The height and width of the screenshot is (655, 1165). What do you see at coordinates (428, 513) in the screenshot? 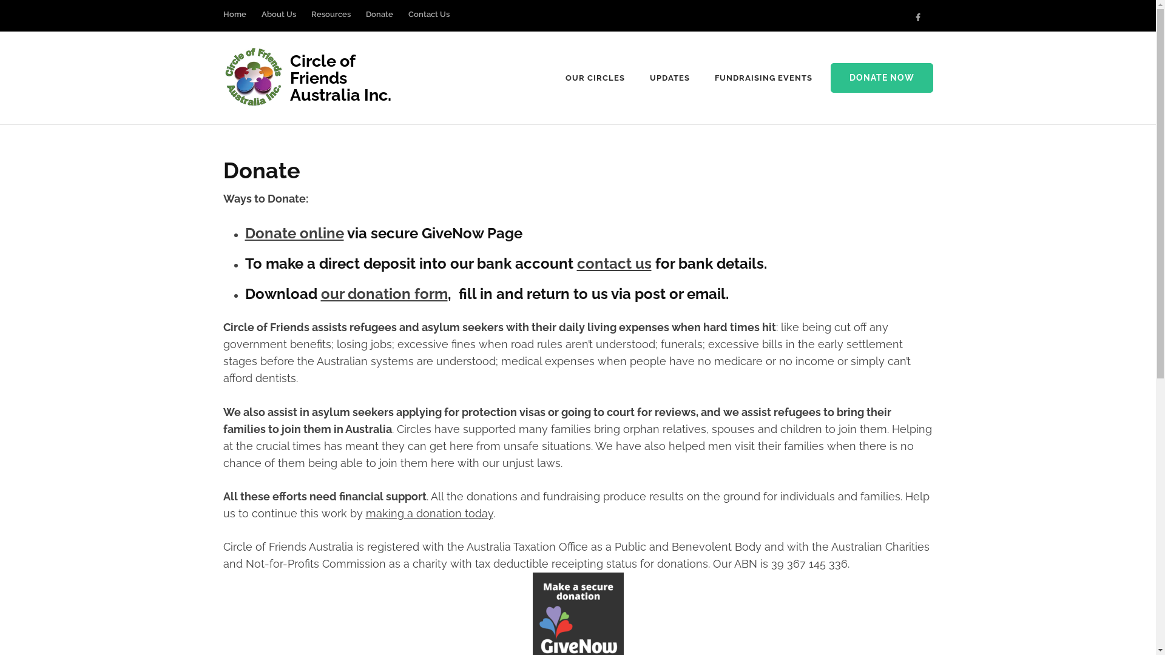
I see `'making a donation today'` at bounding box center [428, 513].